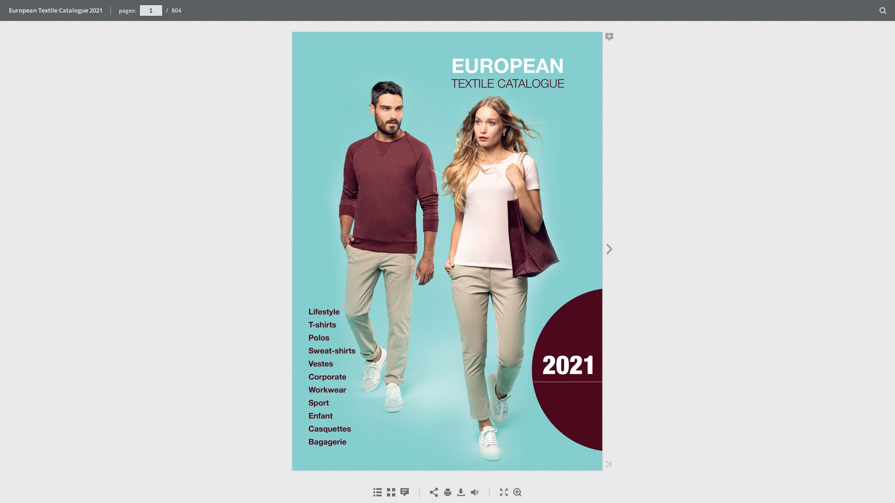 This screenshot has height=503, width=895. What do you see at coordinates (882, 11) in the screenshot?
I see `'Search'` at bounding box center [882, 11].